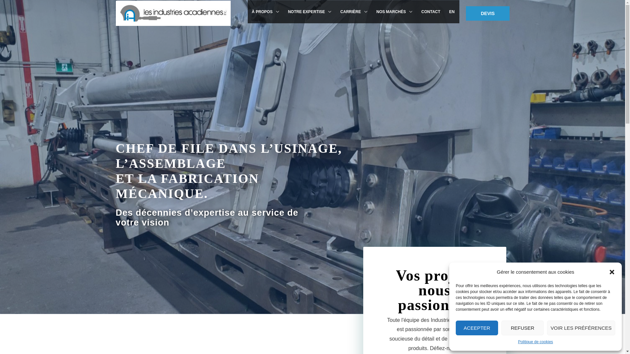 Image resolution: width=630 pixels, height=354 pixels. I want to click on 'DEVIS', so click(488, 13).